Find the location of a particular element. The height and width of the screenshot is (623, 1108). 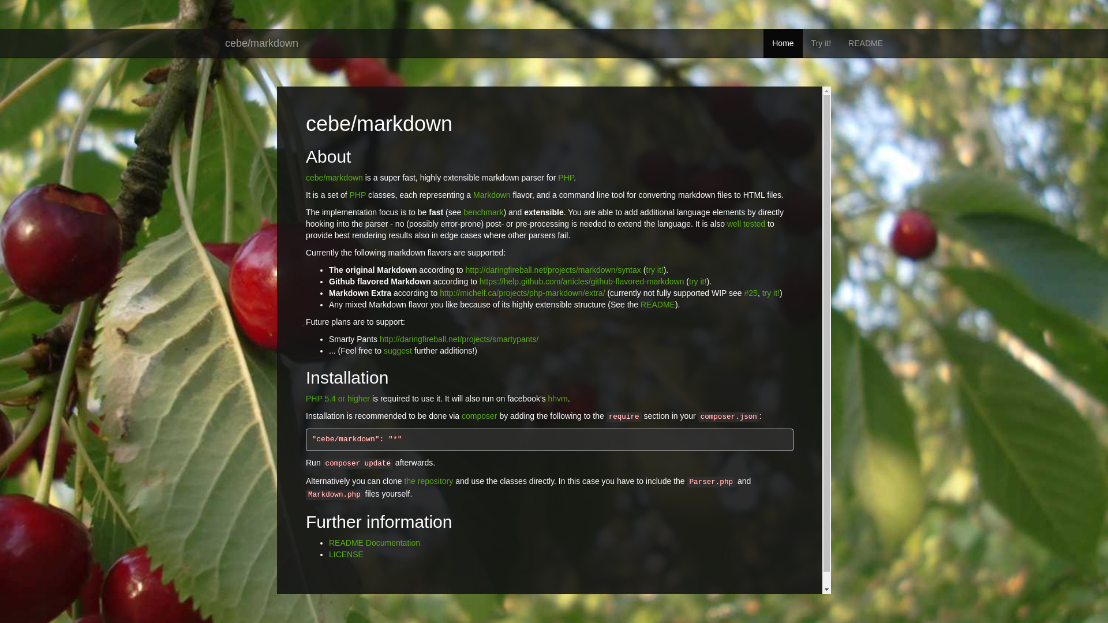

'hhvm' is located at coordinates (557, 397).